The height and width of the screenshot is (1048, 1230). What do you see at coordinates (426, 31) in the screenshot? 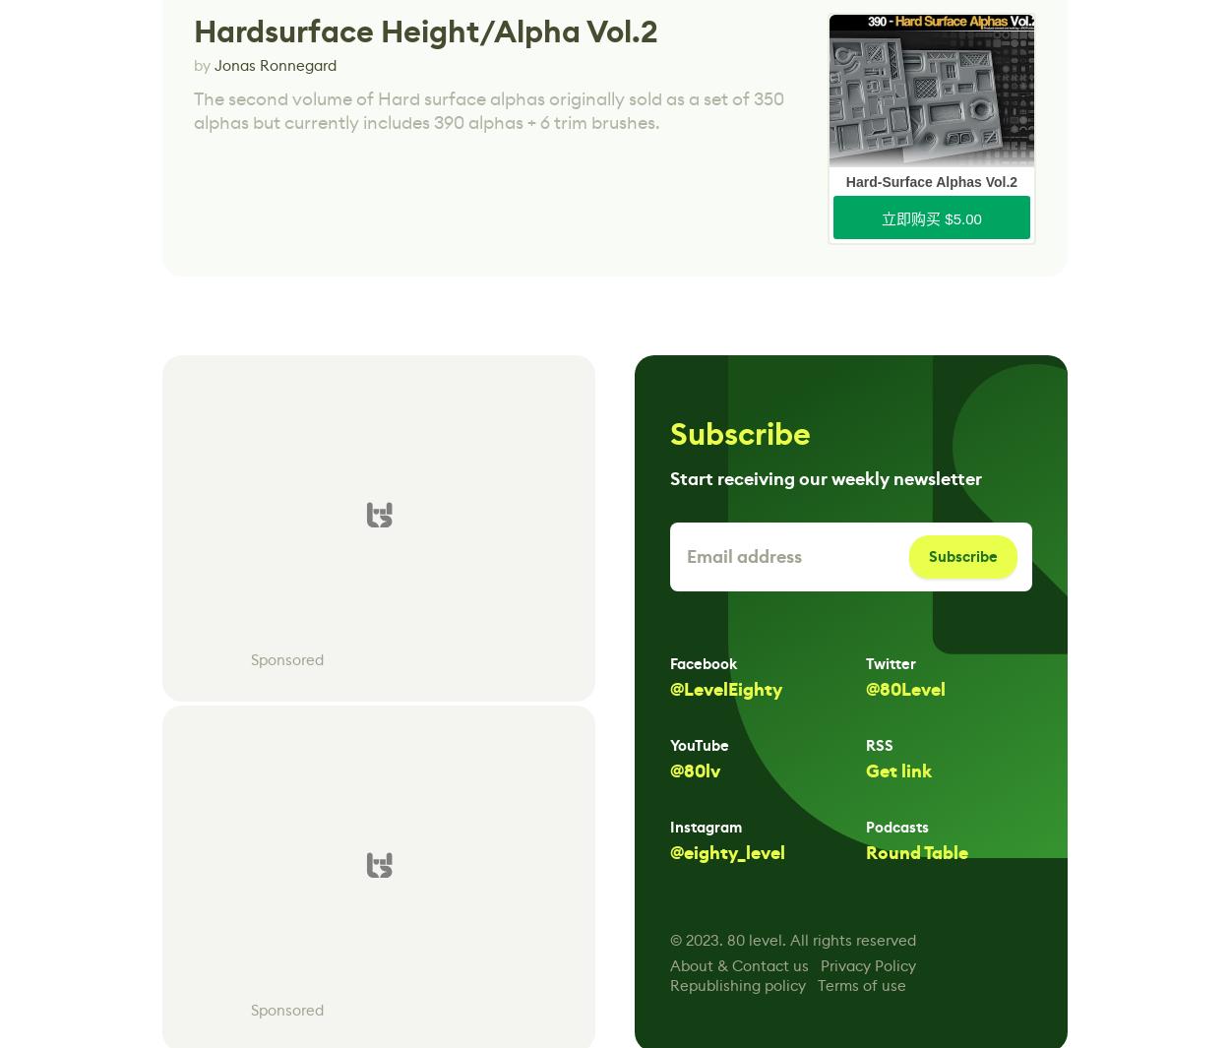
I see `'Hardsurface Height/Alpha Vol.2'` at bounding box center [426, 31].